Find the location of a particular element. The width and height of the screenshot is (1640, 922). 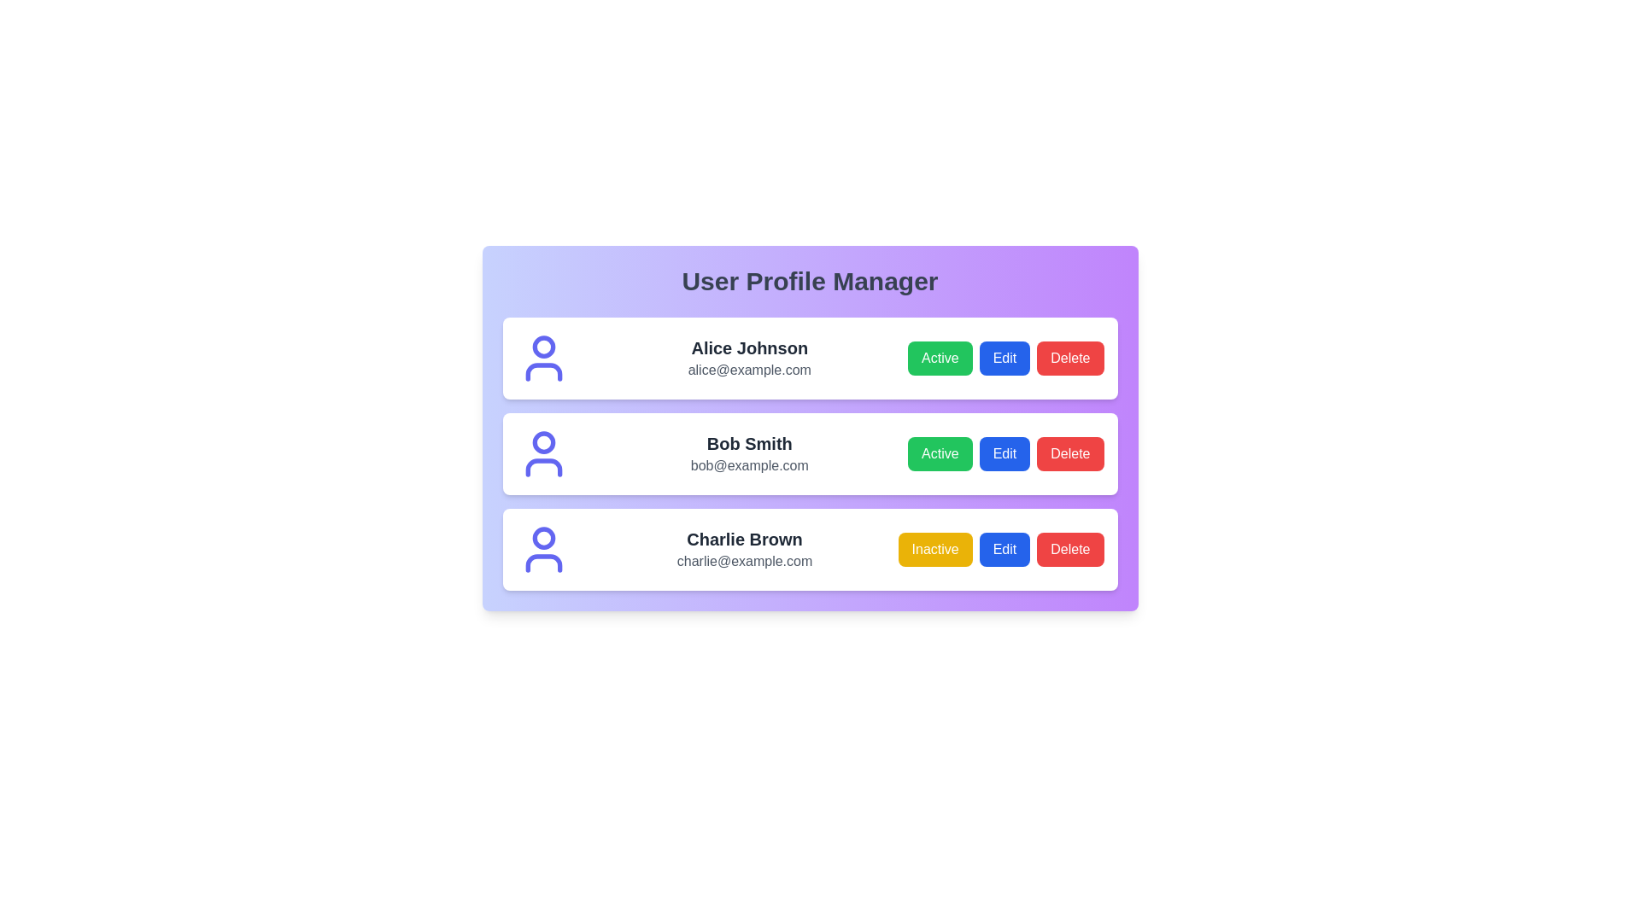

the profile icon for Alice Johnson is located at coordinates (542, 358).